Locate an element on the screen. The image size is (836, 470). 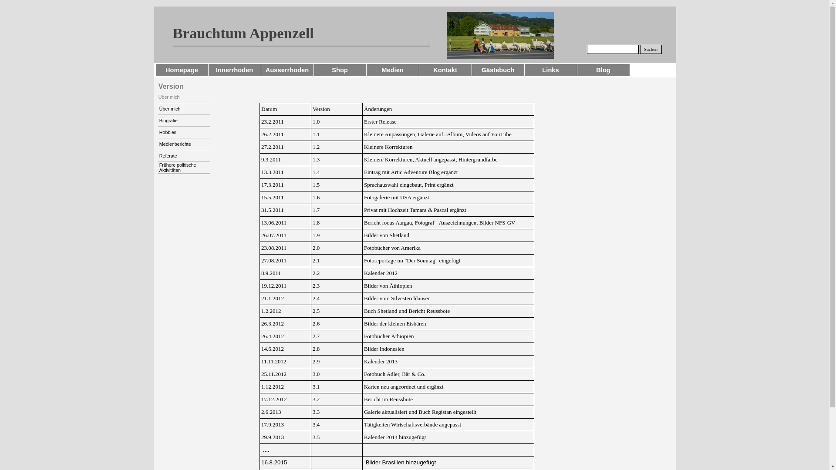
'Biografie' is located at coordinates (183, 121).